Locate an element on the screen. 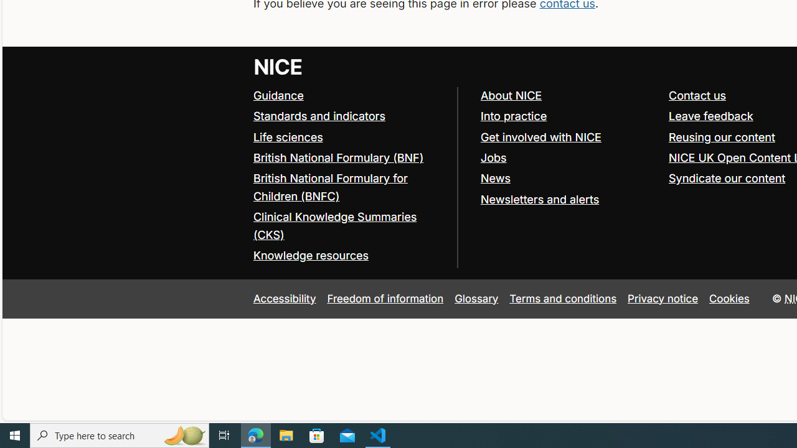 Image resolution: width=797 pixels, height=448 pixels. 'Life sciences' is located at coordinates (287, 136).